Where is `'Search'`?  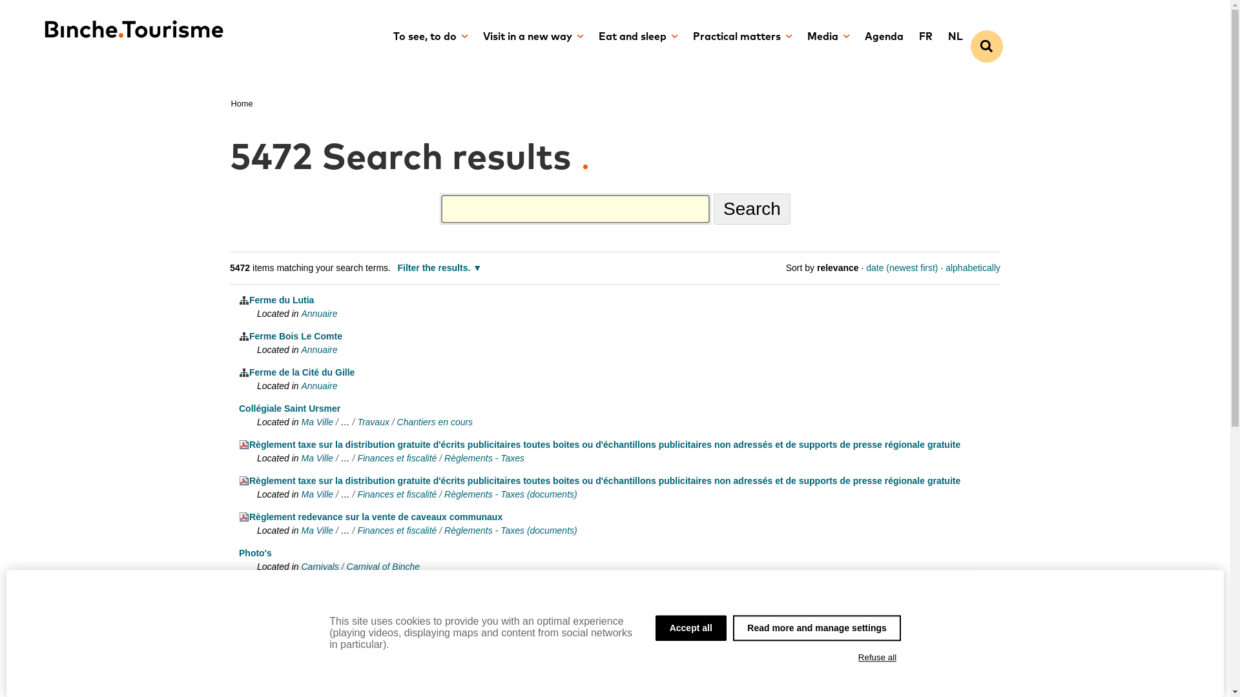 'Search' is located at coordinates (712, 208).